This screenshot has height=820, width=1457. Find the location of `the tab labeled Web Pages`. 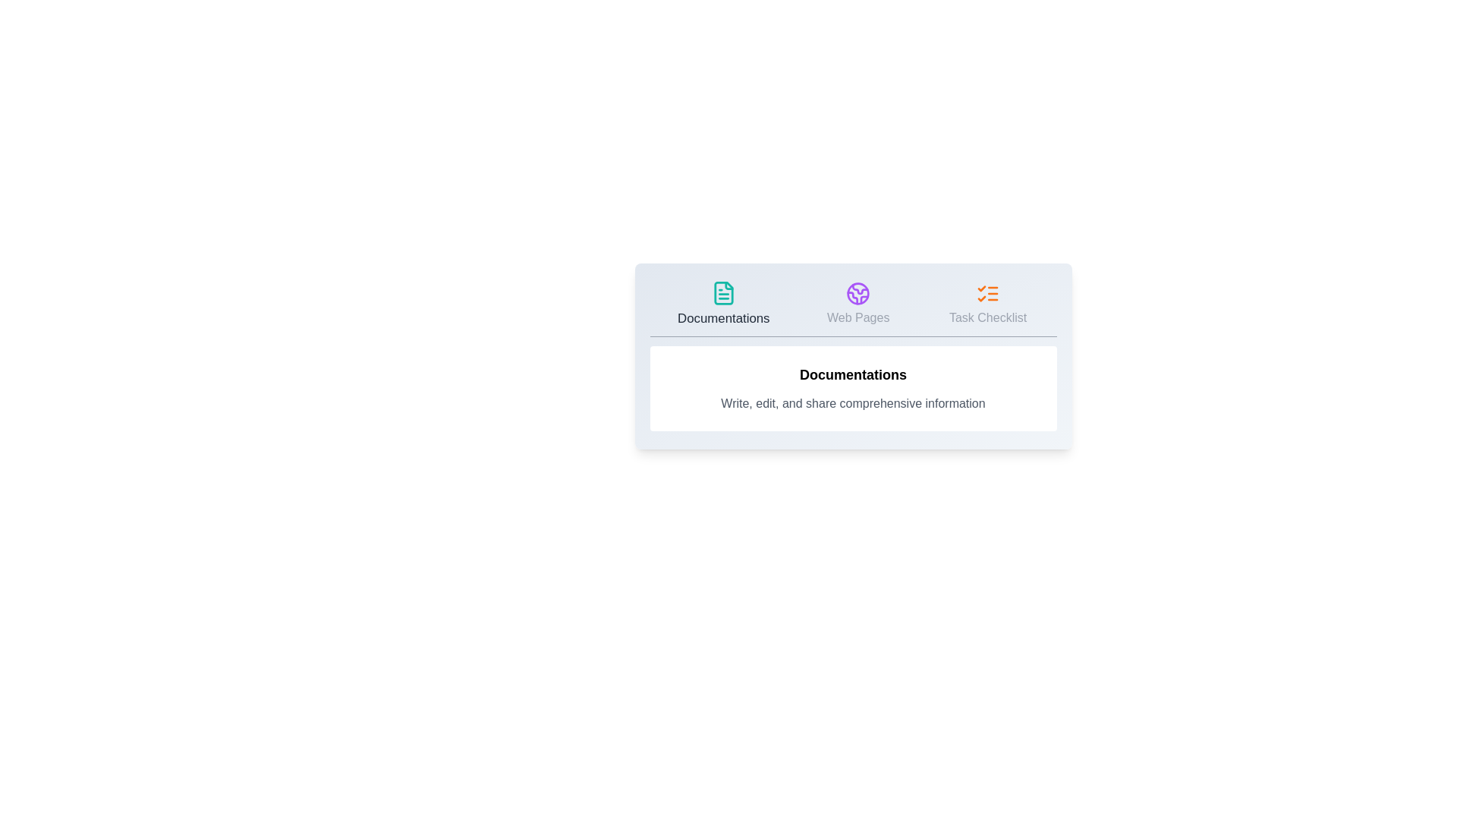

the tab labeled Web Pages is located at coordinates (858, 304).